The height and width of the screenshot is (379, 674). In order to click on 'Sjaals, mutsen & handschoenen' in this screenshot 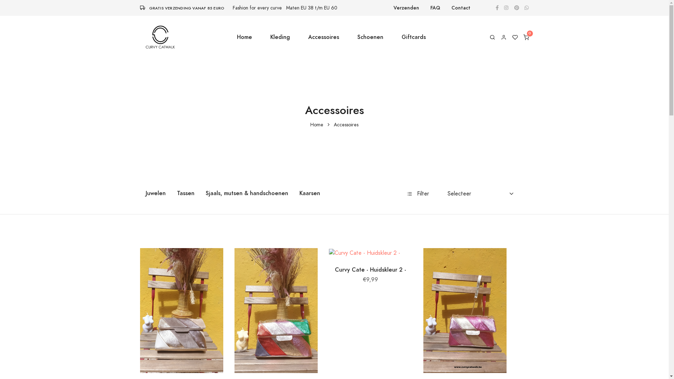, I will do `click(247, 193)`.